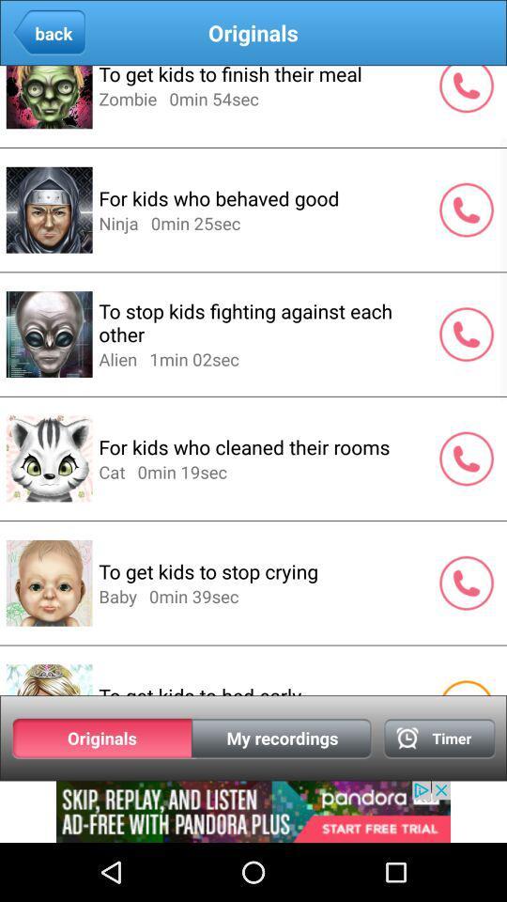  Describe the element at coordinates (49, 334) in the screenshot. I see `the third image which is before to stop kids fighting against each other` at that location.